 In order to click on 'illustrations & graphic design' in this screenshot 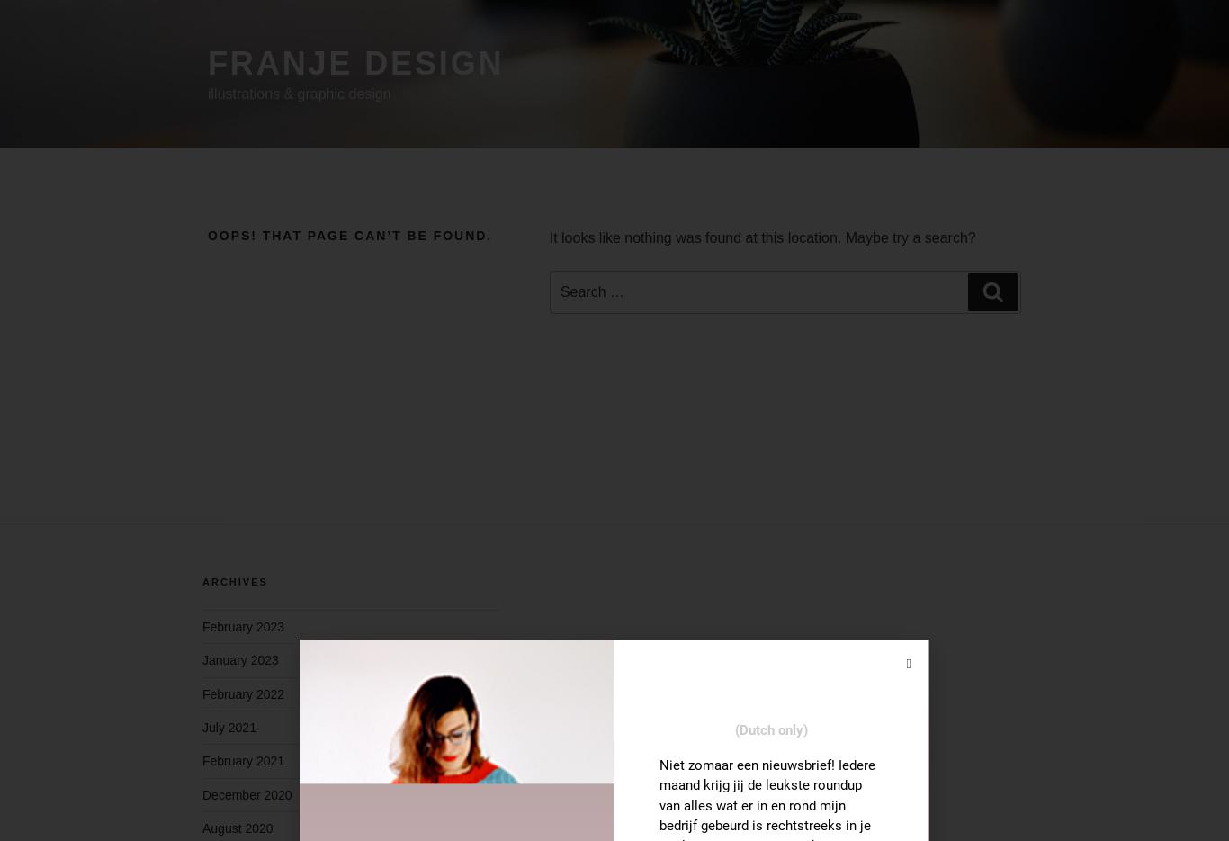, I will do `click(299, 93)`.